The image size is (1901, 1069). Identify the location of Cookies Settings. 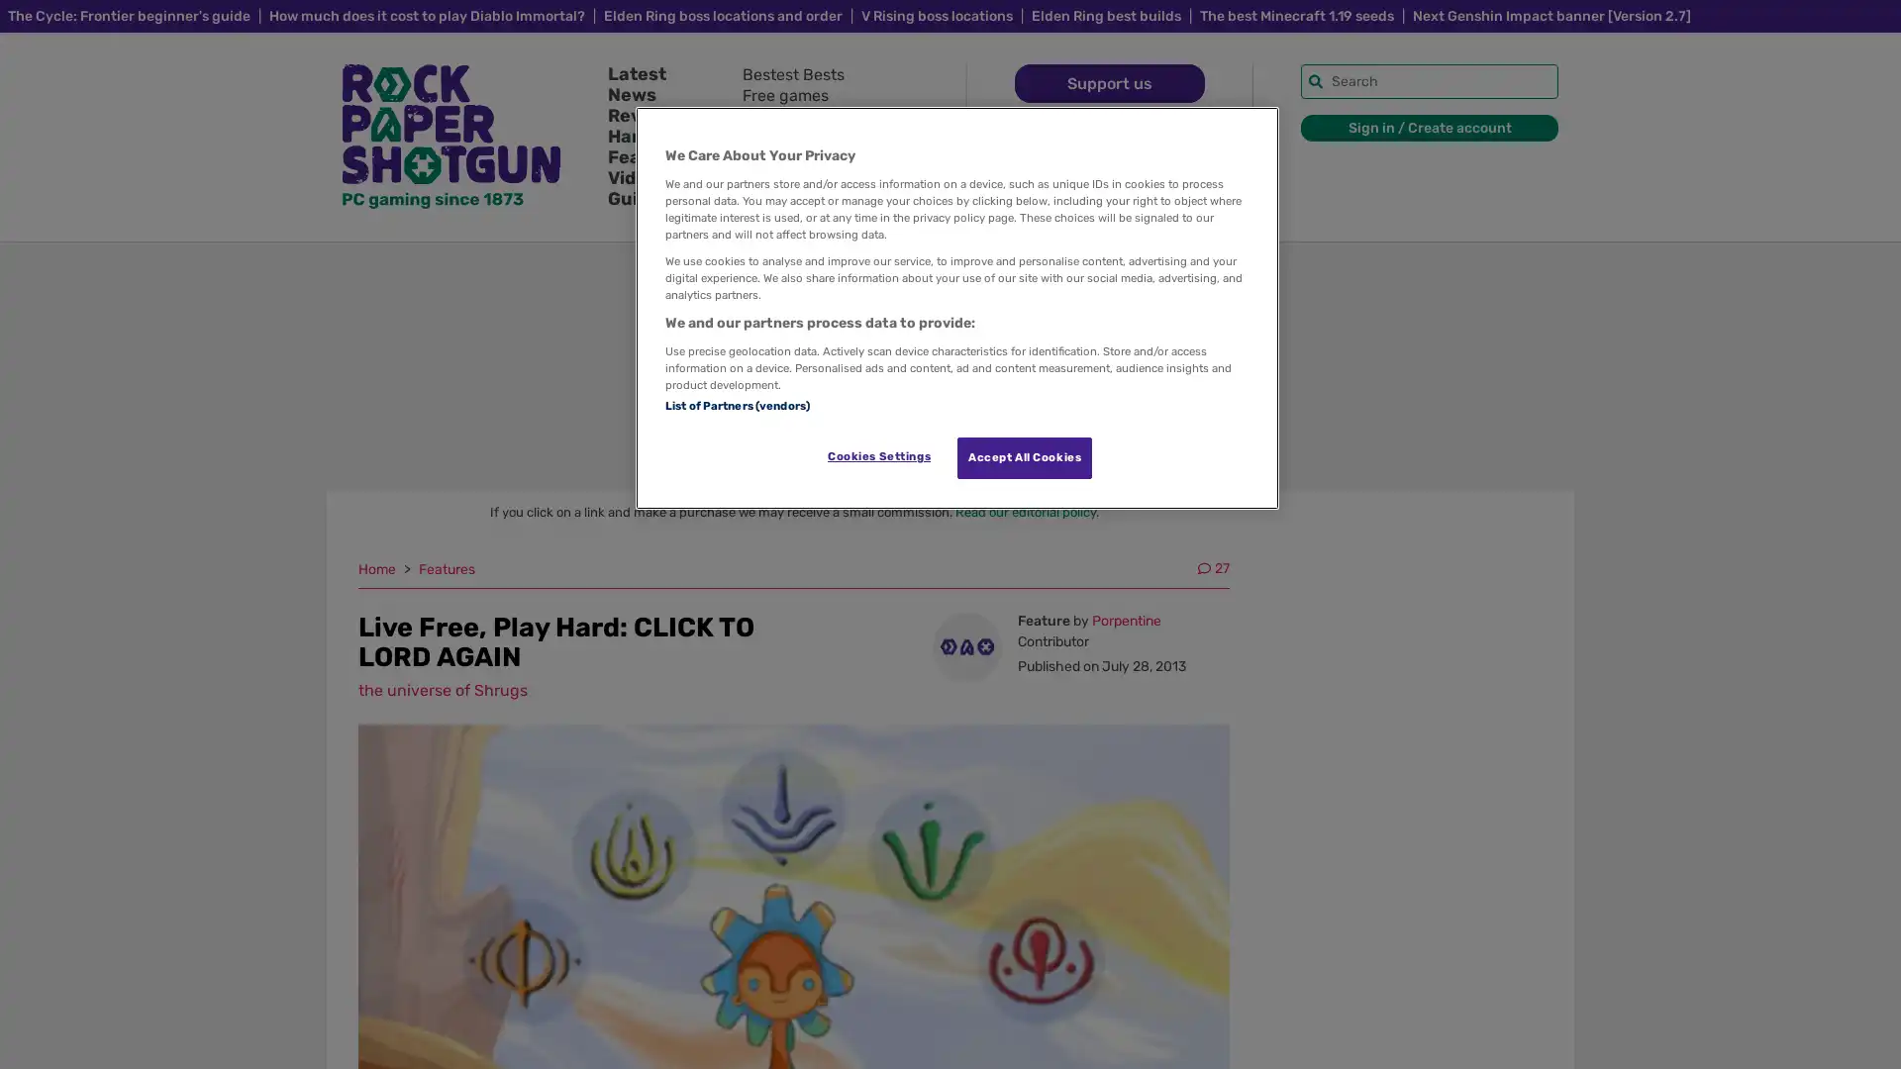
(877, 456).